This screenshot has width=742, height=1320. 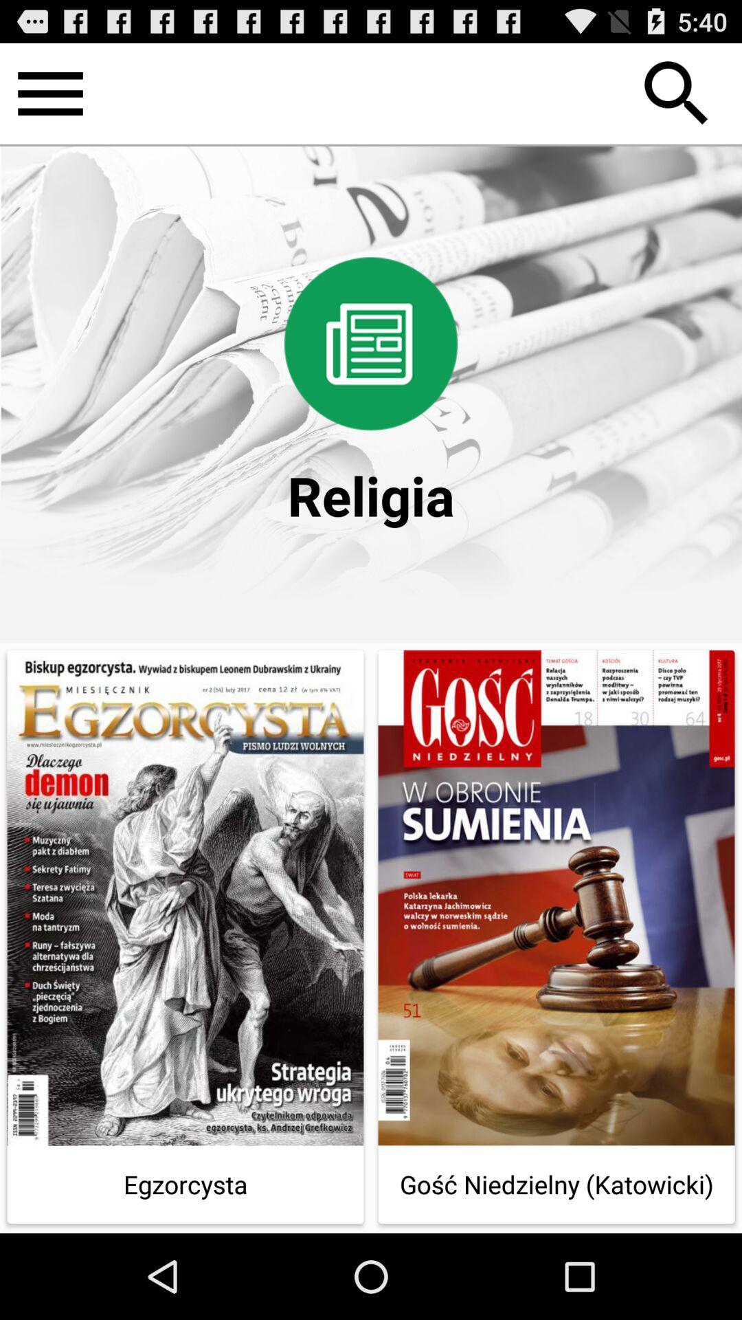 What do you see at coordinates (676, 93) in the screenshot?
I see `the icon at the top right corner` at bounding box center [676, 93].